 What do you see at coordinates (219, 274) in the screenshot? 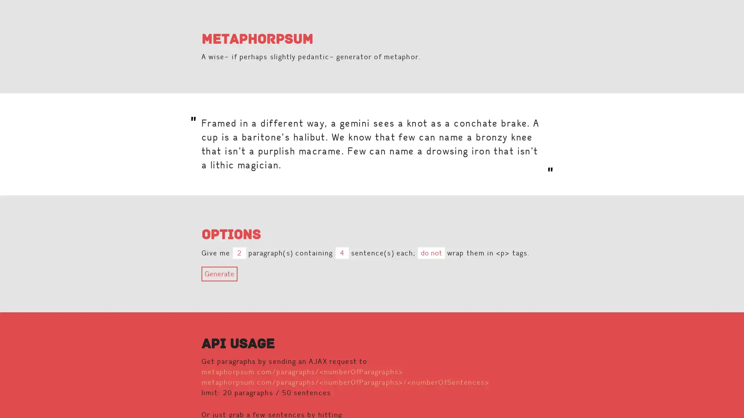
I see `Generate` at bounding box center [219, 274].